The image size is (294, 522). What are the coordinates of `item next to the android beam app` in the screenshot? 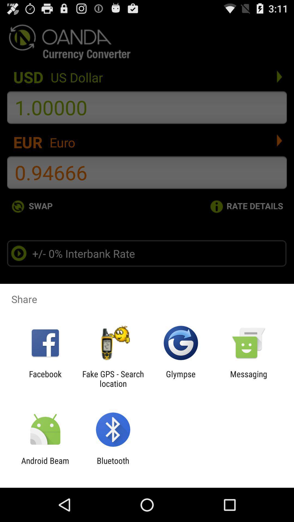 It's located at (113, 465).